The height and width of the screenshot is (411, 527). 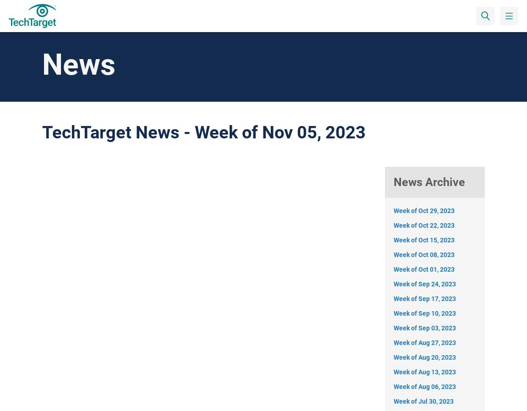 I want to click on 'Week of Sep 10, 2023', so click(x=425, y=312).